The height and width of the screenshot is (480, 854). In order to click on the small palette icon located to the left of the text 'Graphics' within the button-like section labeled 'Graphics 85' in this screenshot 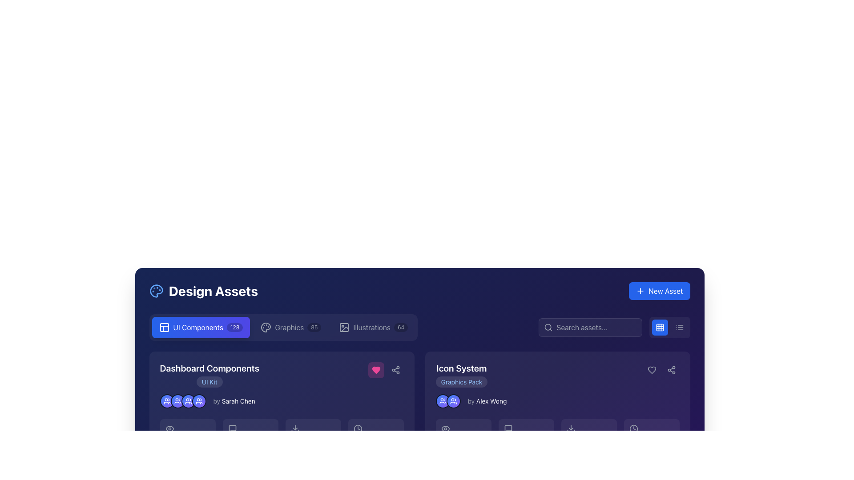, I will do `click(266, 327)`.